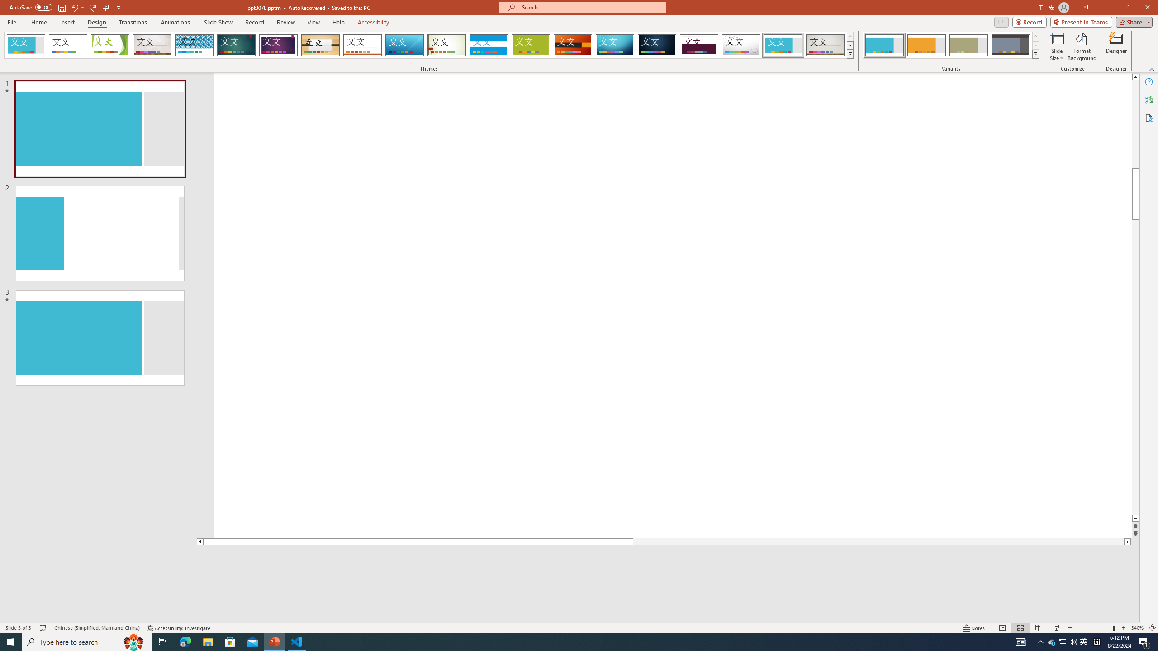 Image resolution: width=1158 pixels, height=651 pixels. What do you see at coordinates (404, 45) in the screenshot?
I see `'Slice'` at bounding box center [404, 45].